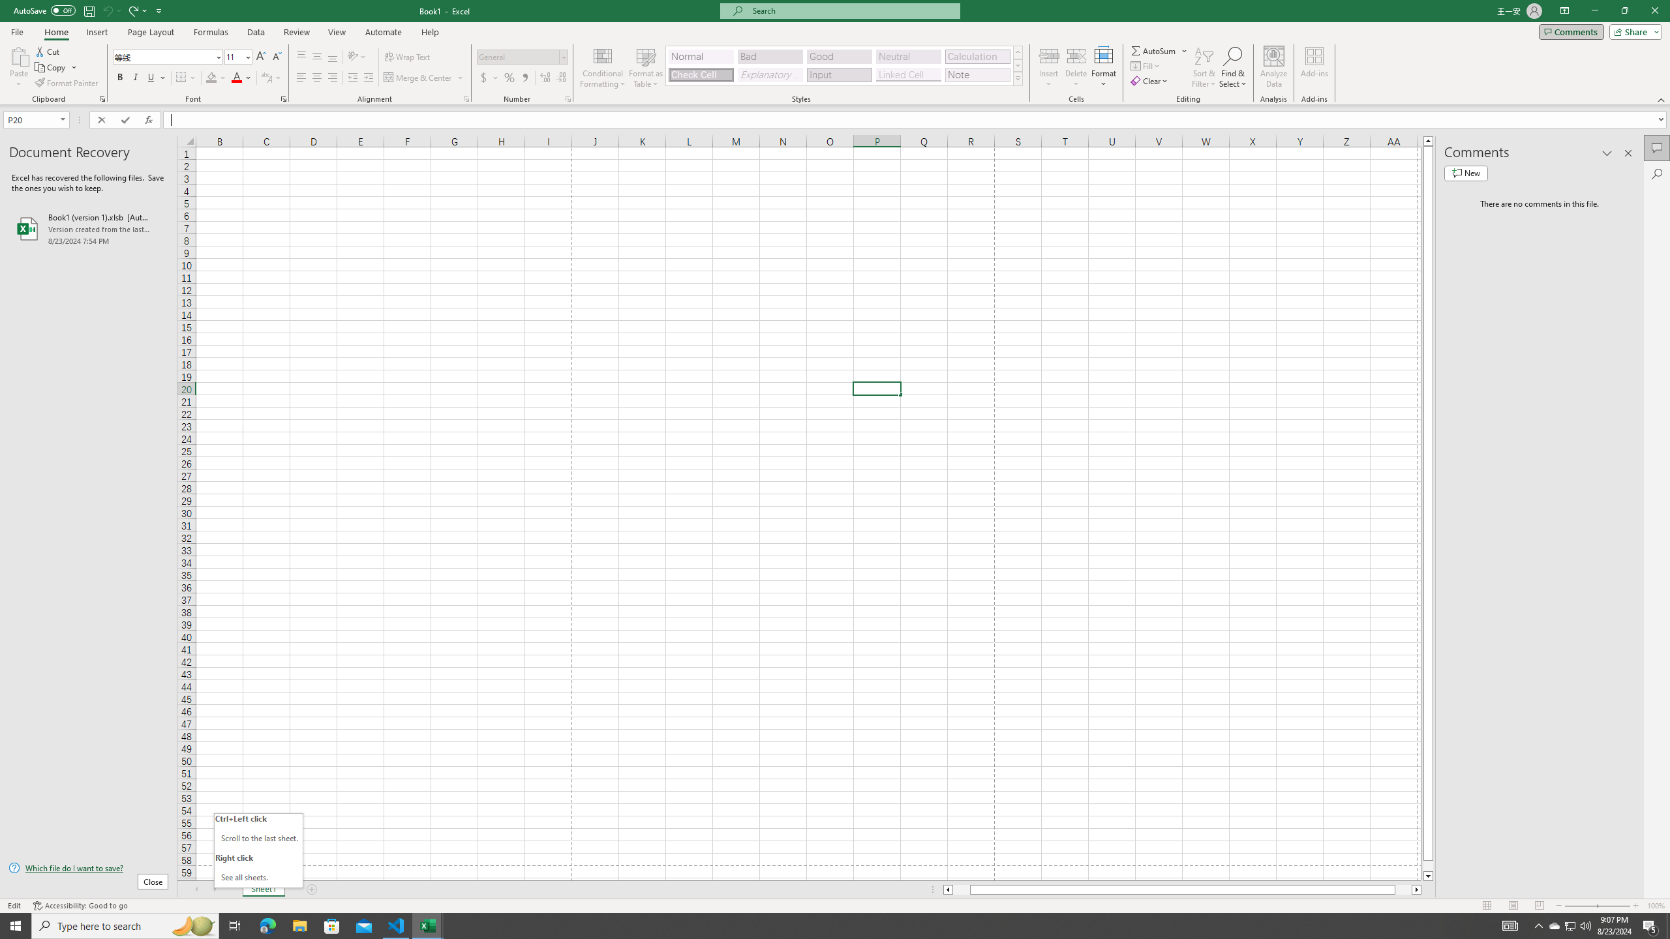 The image size is (1670, 939). What do you see at coordinates (237, 57) in the screenshot?
I see `'Font Size'` at bounding box center [237, 57].